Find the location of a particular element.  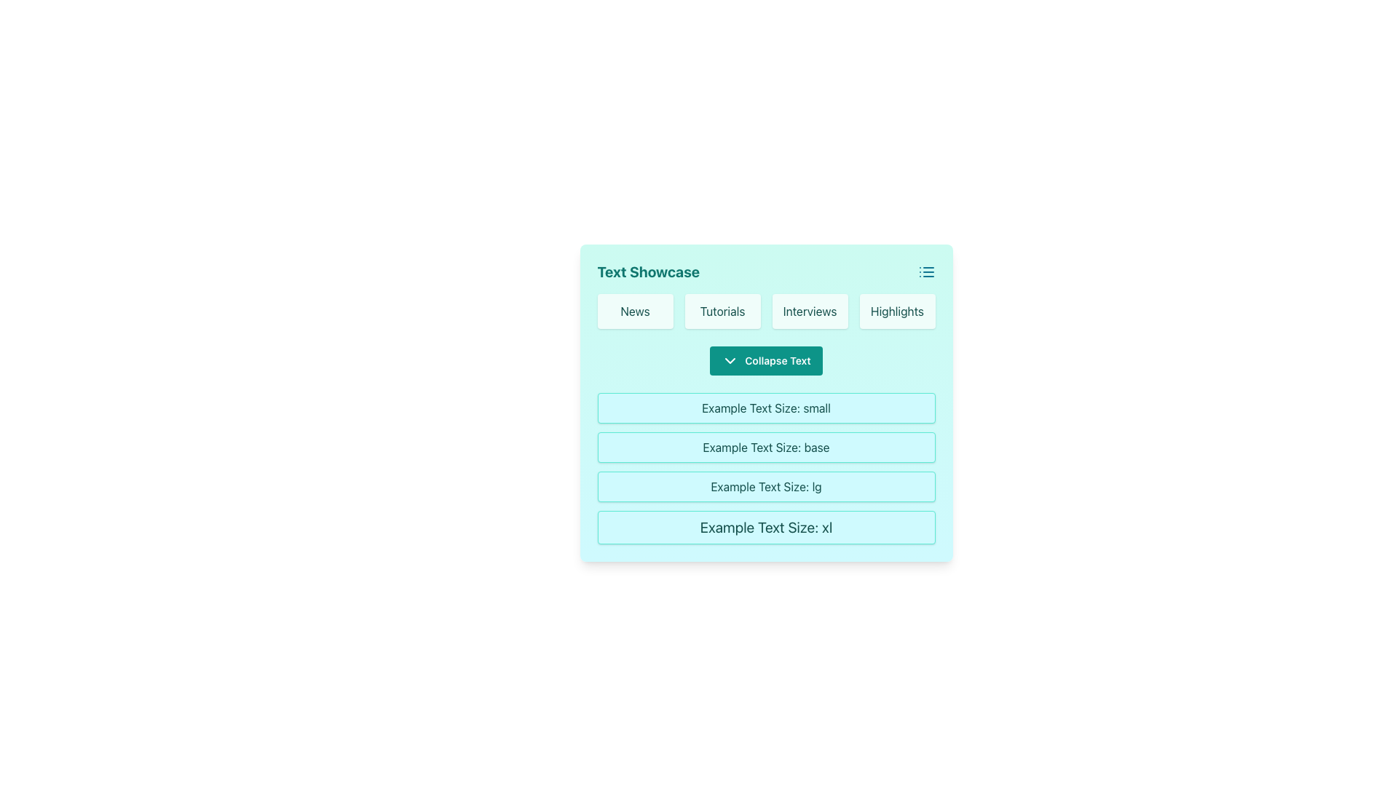

the 'base' button located under the 'Example Text Size: small' button and above the 'Example Text Size: lg' button in the 'Text Showcase' section is located at coordinates (765, 446).